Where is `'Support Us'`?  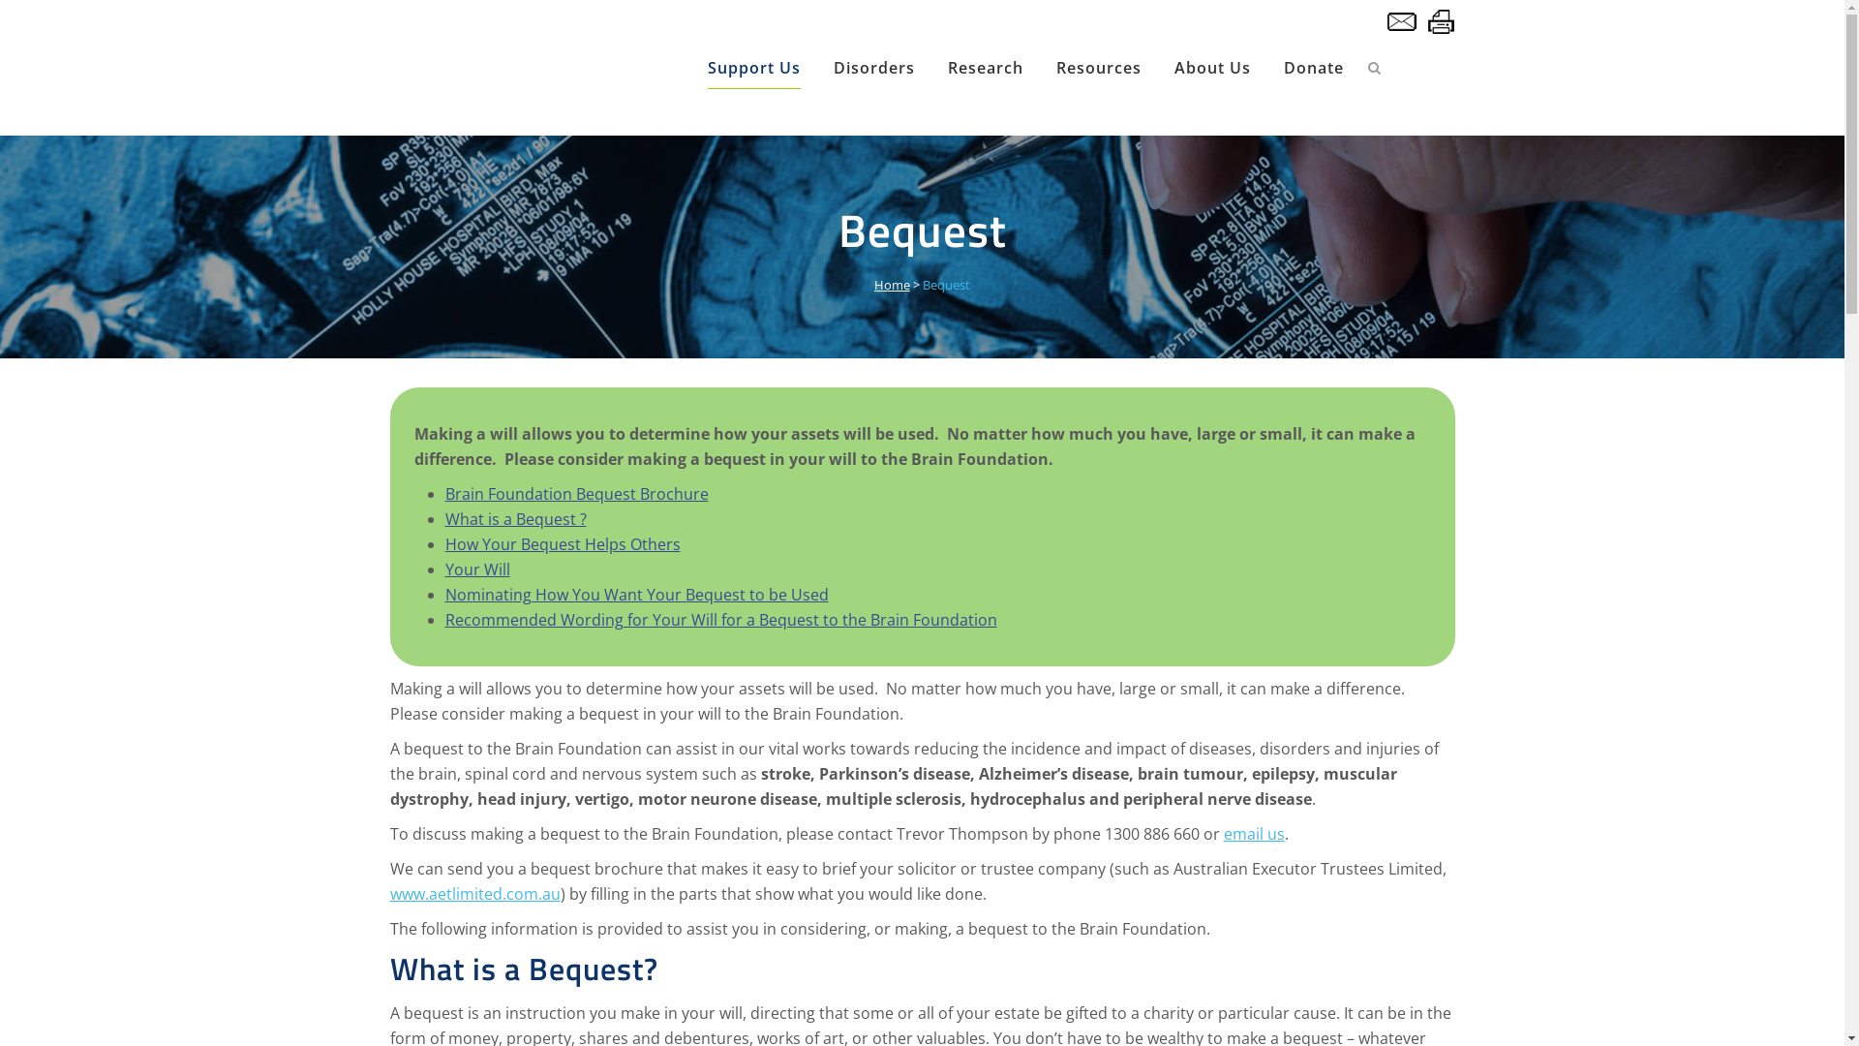
'Support Us' is located at coordinates (752, 66).